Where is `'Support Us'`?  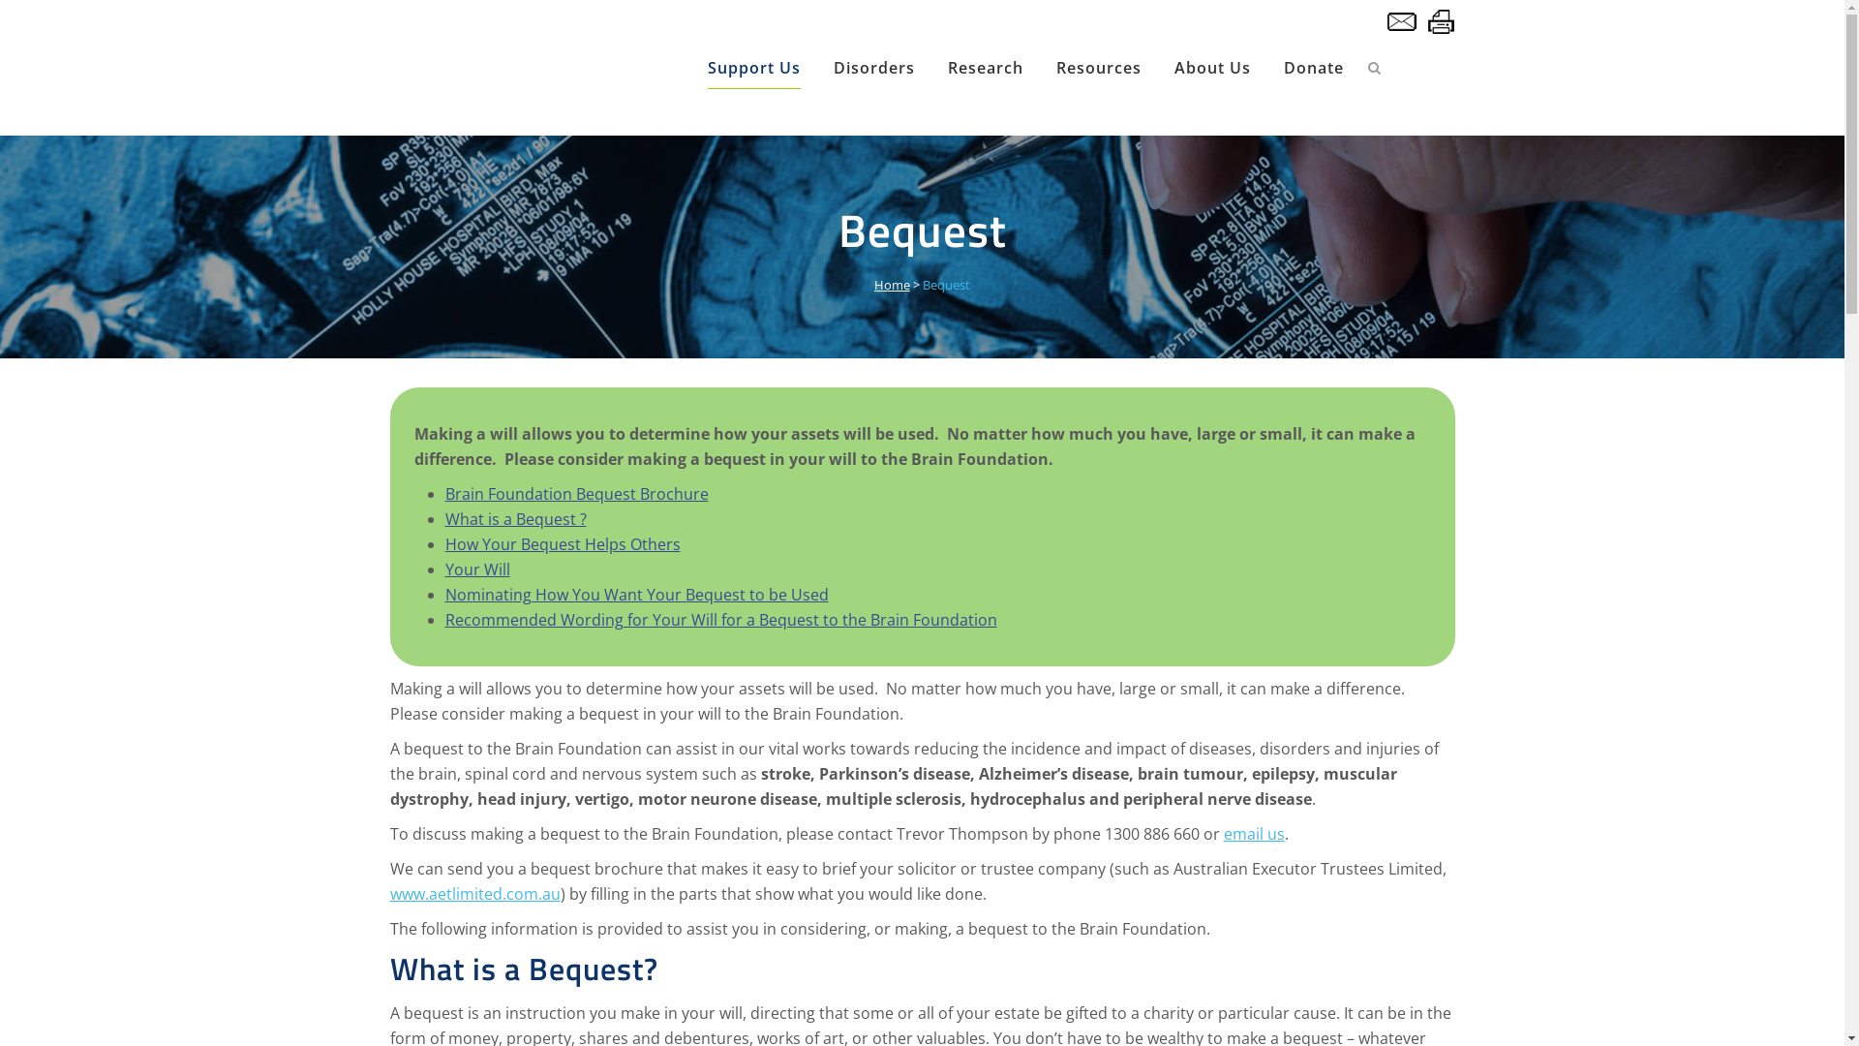
'Support Us' is located at coordinates (752, 66).